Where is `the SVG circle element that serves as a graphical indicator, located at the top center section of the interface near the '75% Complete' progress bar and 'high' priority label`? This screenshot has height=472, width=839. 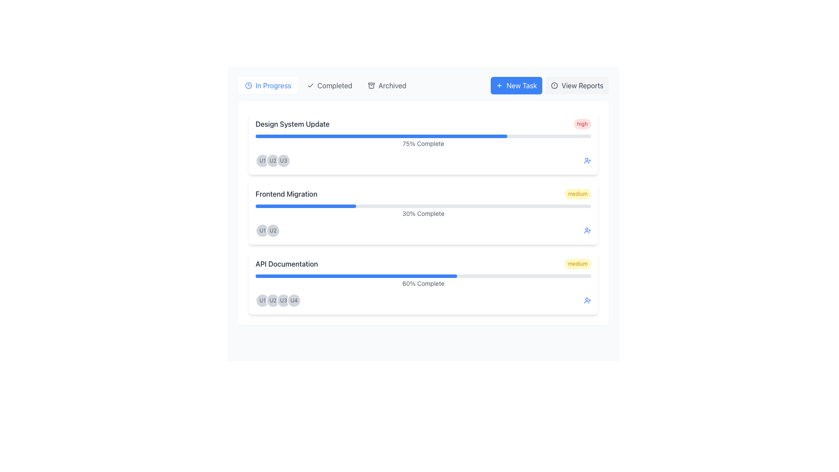
the SVG circle element that serves as a graphical indicator, located at the top center section of the interface near the '75% Complete' progress bar and 'high' priority label is located at coordinates (554, 86).